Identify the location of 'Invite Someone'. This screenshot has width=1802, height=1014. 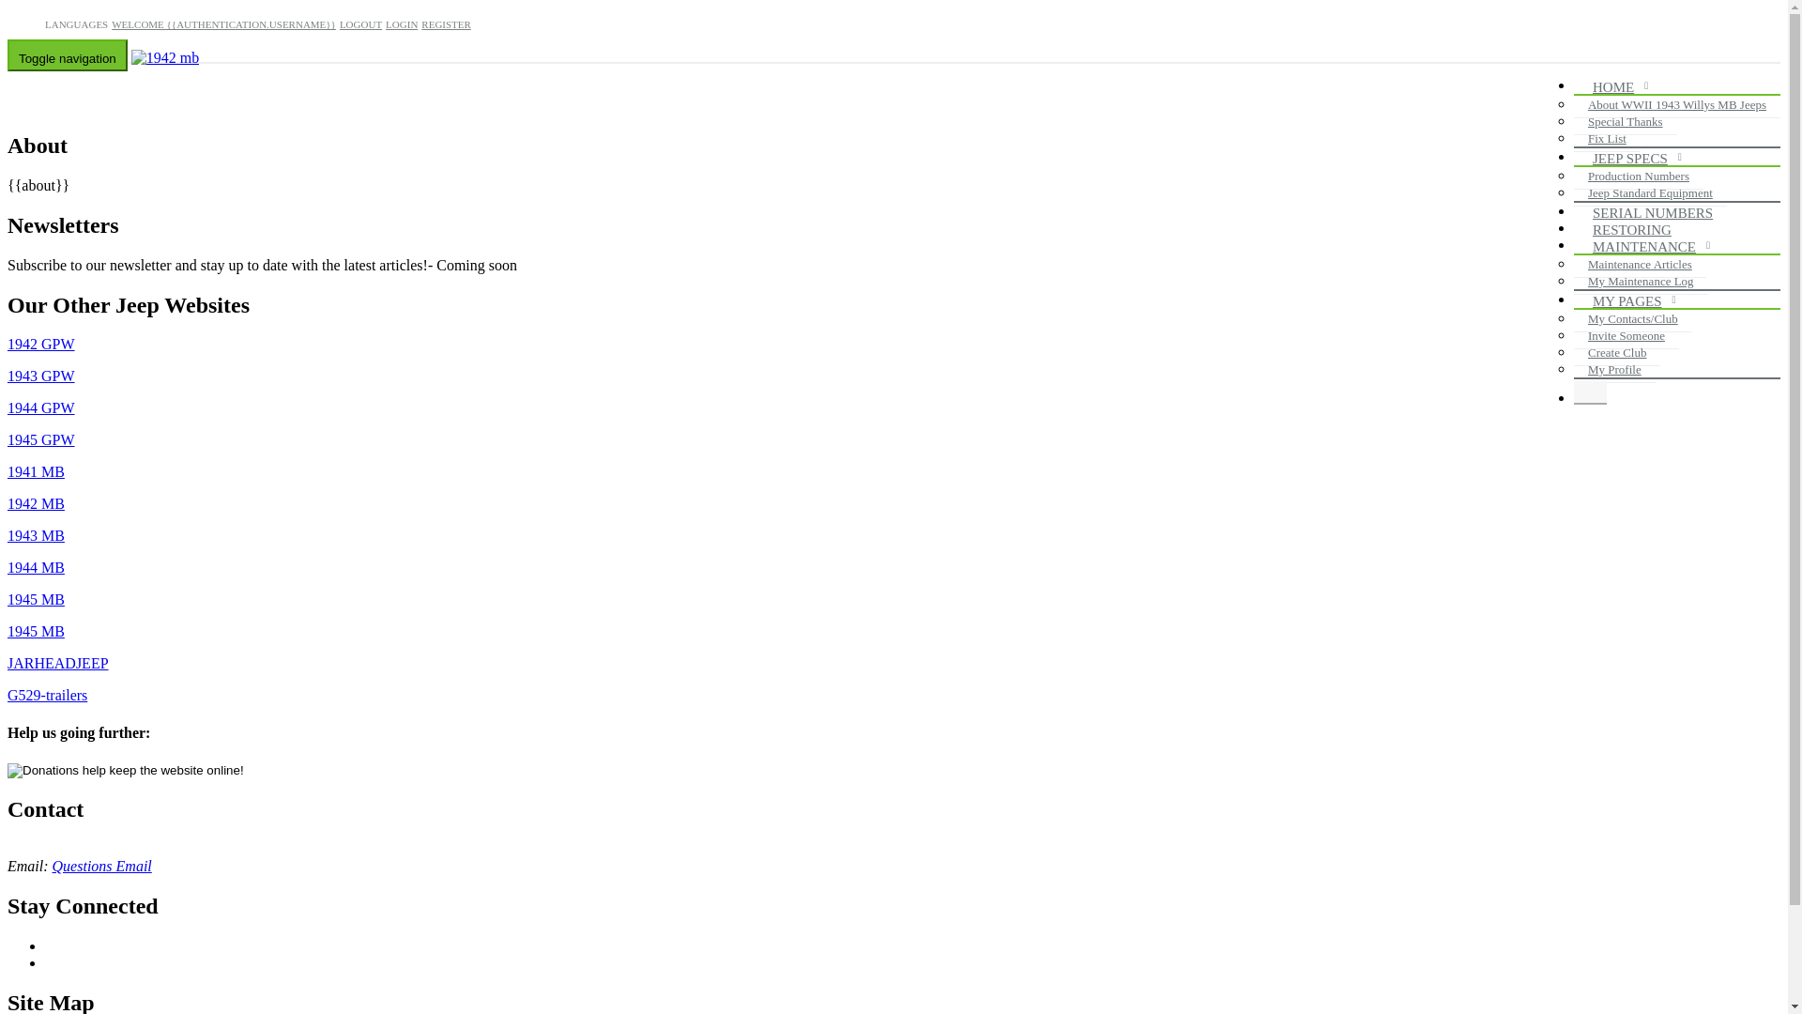
(1625, 335).